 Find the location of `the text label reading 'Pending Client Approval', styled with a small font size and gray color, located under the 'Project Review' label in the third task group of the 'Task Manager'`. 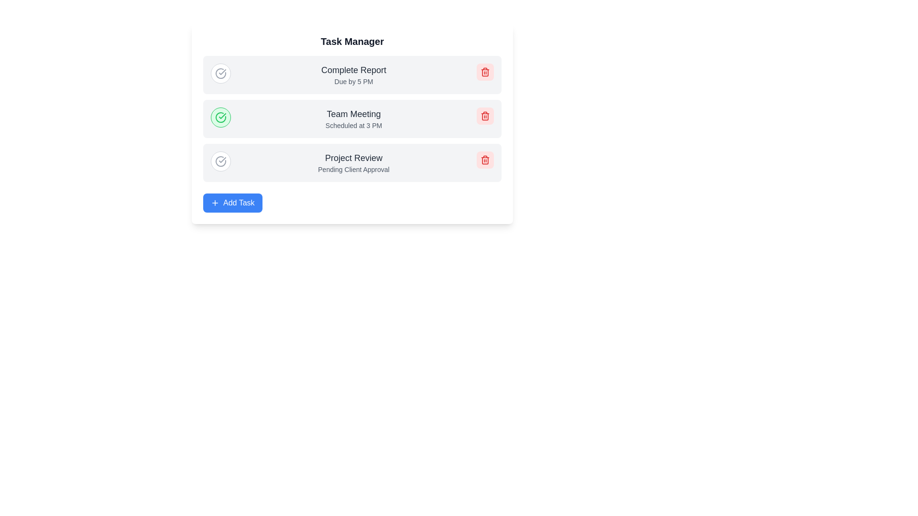

the text label reading 'Pending Client Approval', styled with a small font size and gray color, located under the 'Project Review' label in the third task group of the 'Task Manager' is located at coordinates (353, 169).